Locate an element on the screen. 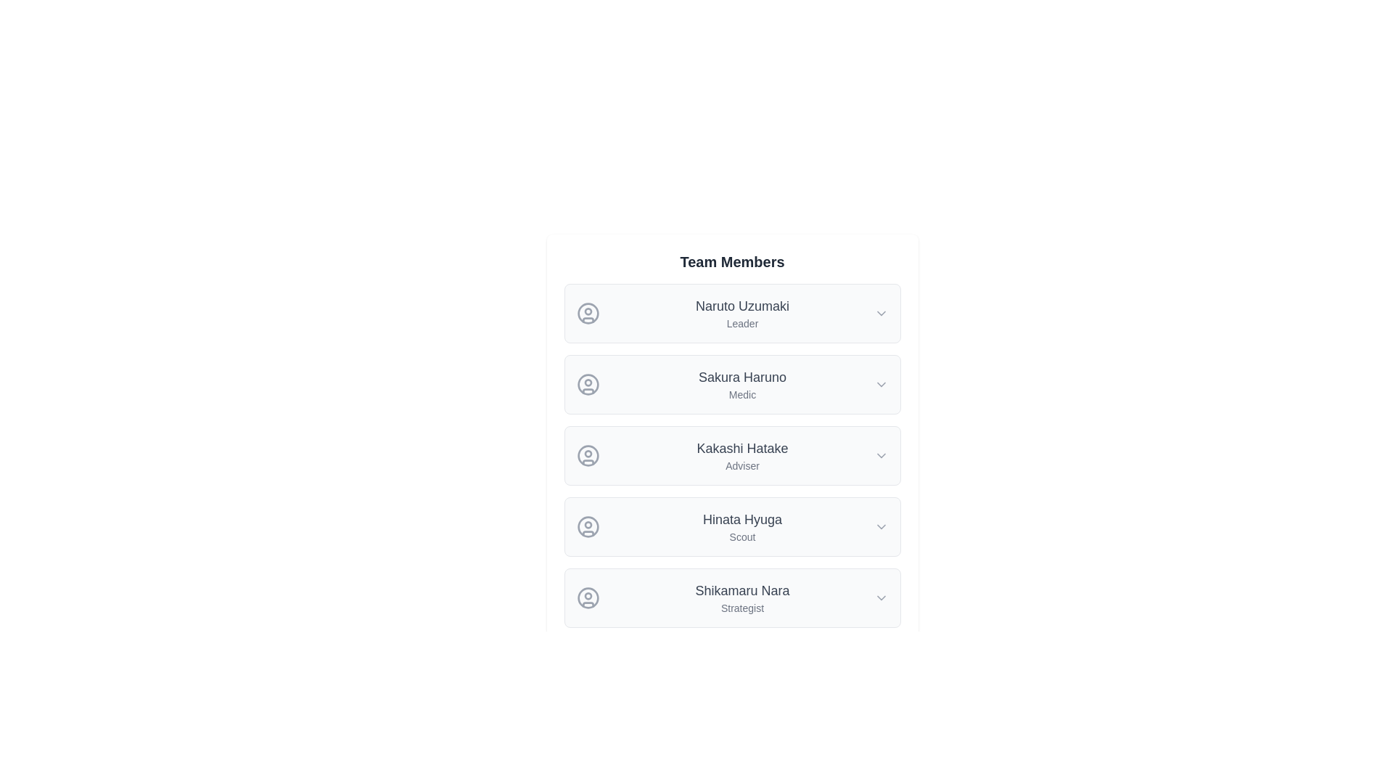 The image size is (1393, 784). the decorative circle part of the user profile icon, which is positioned to the left of the text 'Naruto Uzumaki' and 'Leader' in the team members list is located at coordinates (588, 313).